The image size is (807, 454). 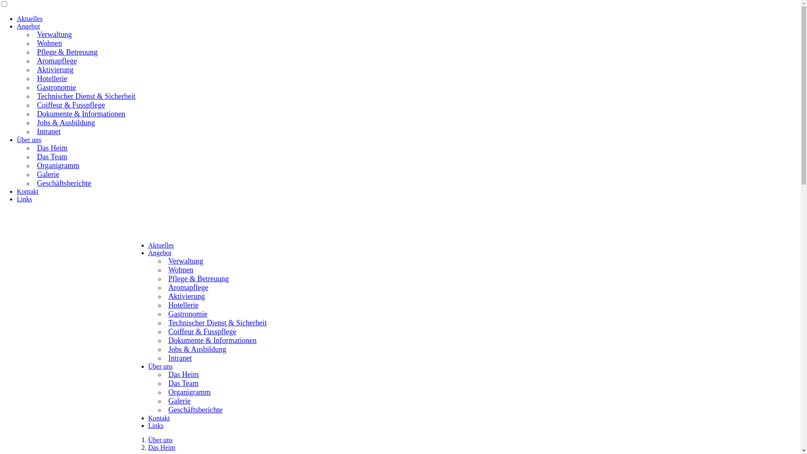 What do you see at coordinates (64, 121) in the screenshot?
I see `'Jobs & Ausbildung'` at bounding box center [64, 121].